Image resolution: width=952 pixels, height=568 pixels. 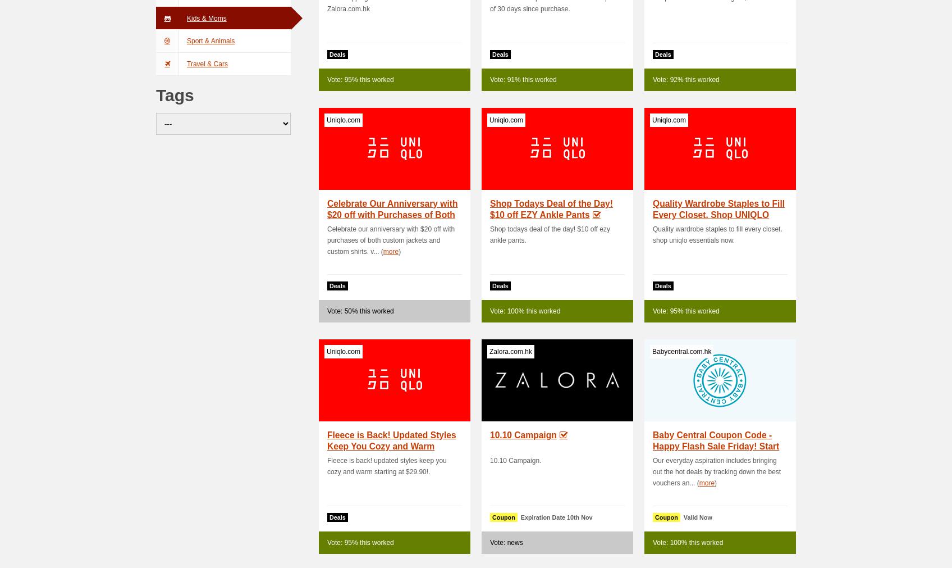 I want to click on '10.10 Campaign.', so click(x=515, y=460).